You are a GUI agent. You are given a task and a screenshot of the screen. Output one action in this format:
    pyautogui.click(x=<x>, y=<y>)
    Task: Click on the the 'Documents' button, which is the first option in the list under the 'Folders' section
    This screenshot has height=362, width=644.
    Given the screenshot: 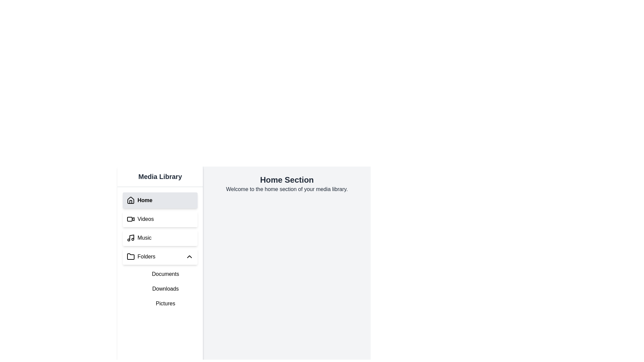 What is the action you would take?
    pyautogui.click(x=165, y=274)
    